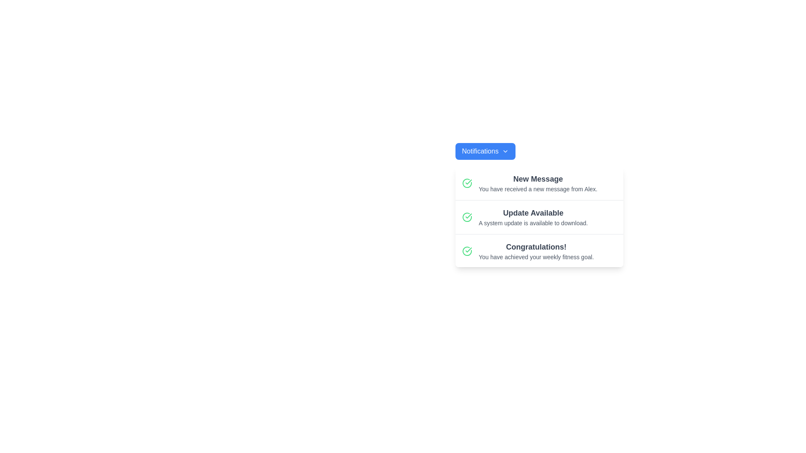 This screenshot has height=453, width=806. What do you see at coordinates (485, 151) in the screenshot?
I see `the 'Notifications' dropdown button, which has a blue background and white text` at bounding box center [485, 151].